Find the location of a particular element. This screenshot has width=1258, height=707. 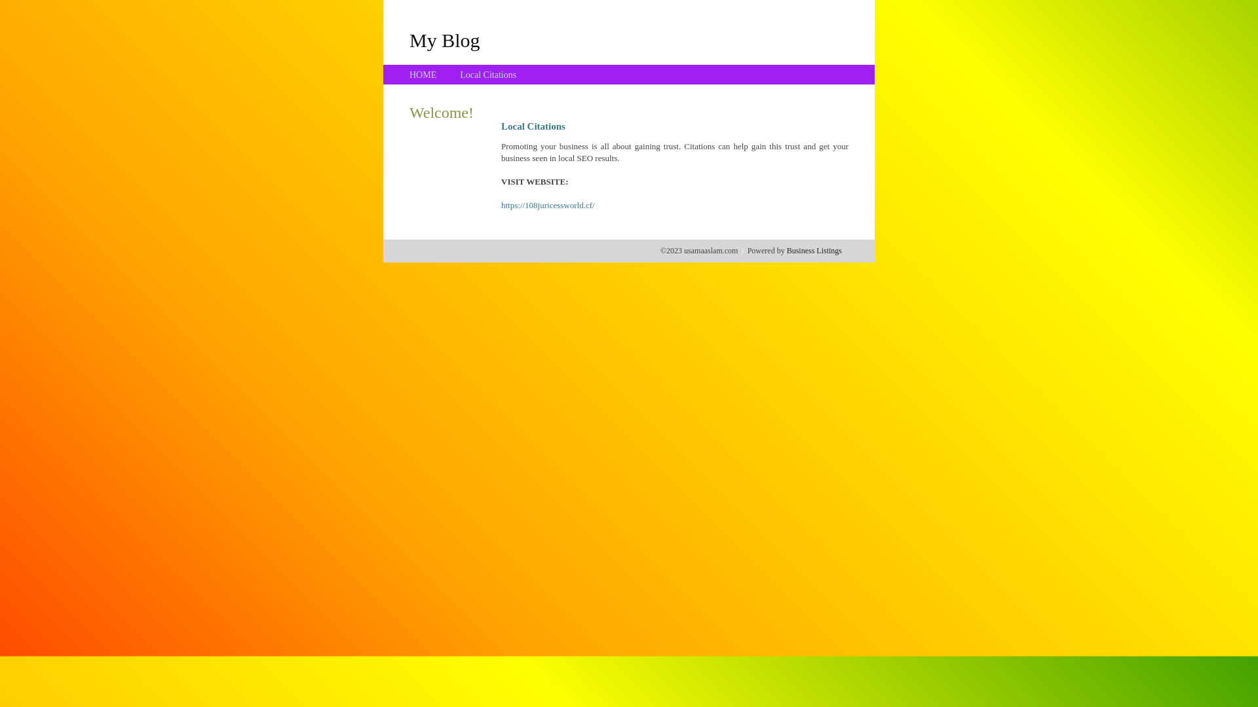

'My Blog' is located at coordinates (444, 39).